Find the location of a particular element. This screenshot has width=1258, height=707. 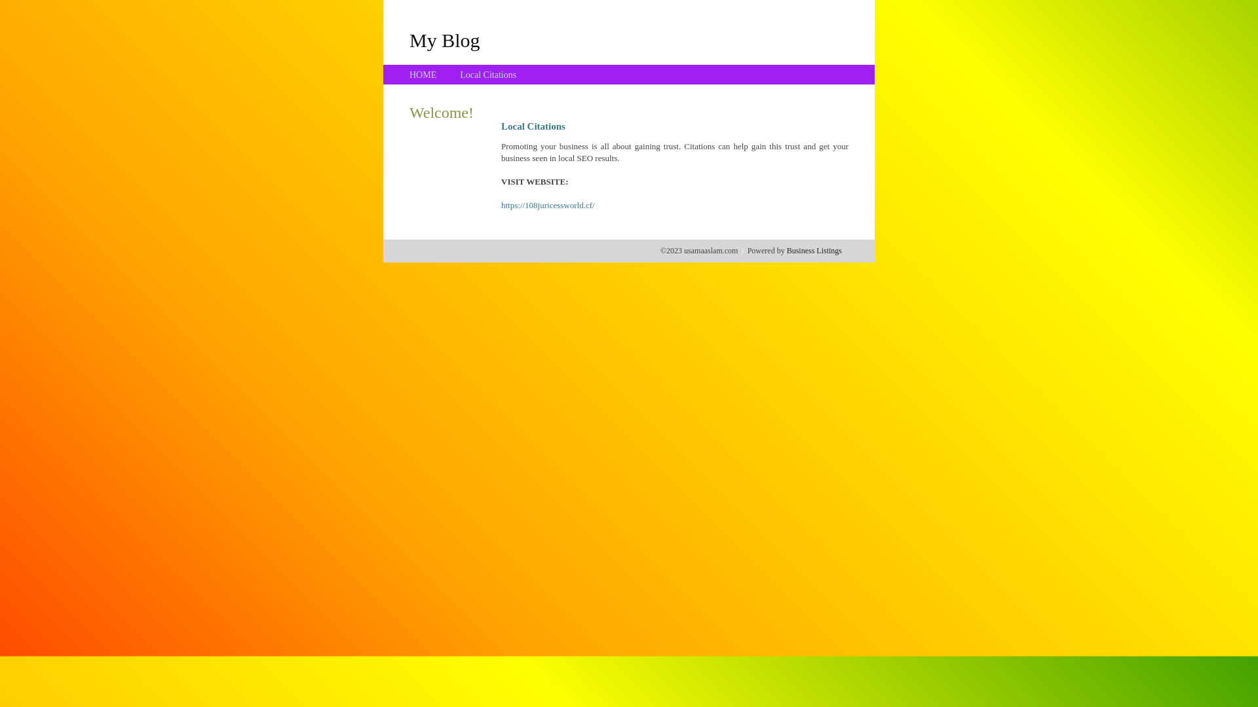

'My Blog' is located at coordinates (444, 39).